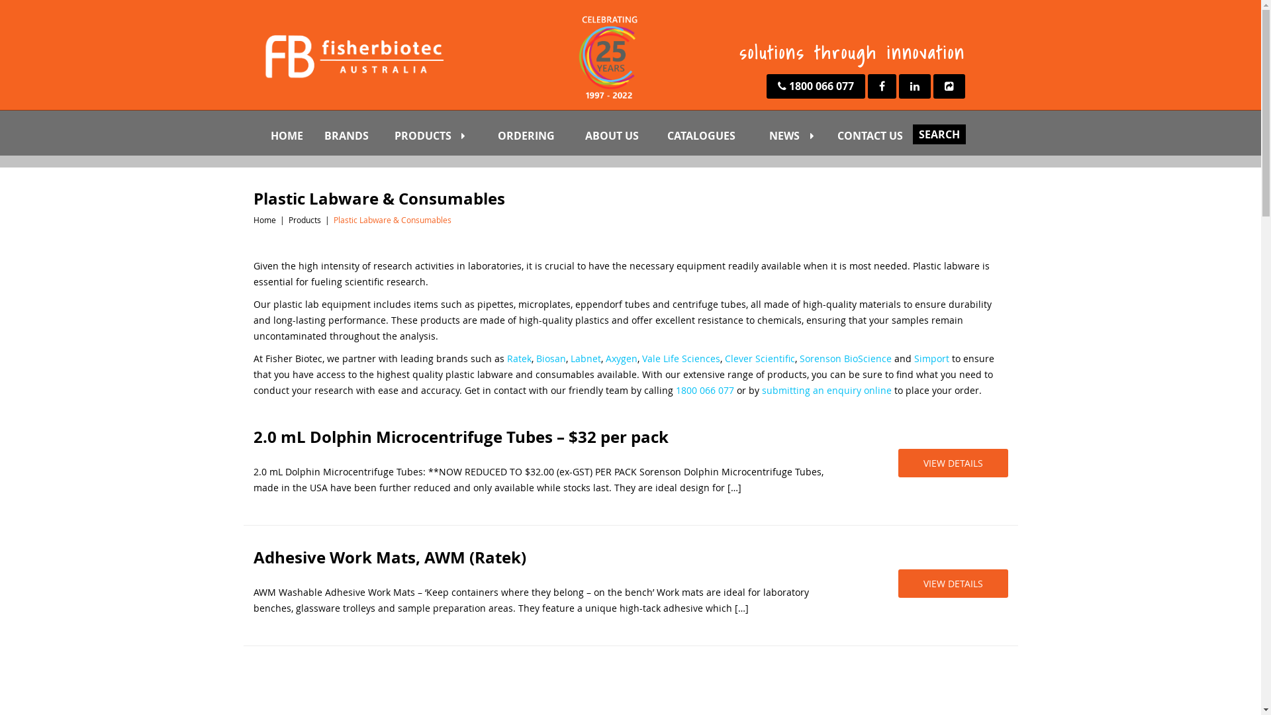 The height and width of the screenshot is (715, 1271). What do you see at coordinates (933, 86) in the screenshot?
I see `'Our Google Map Link page'` at bounding box center [933, 86].